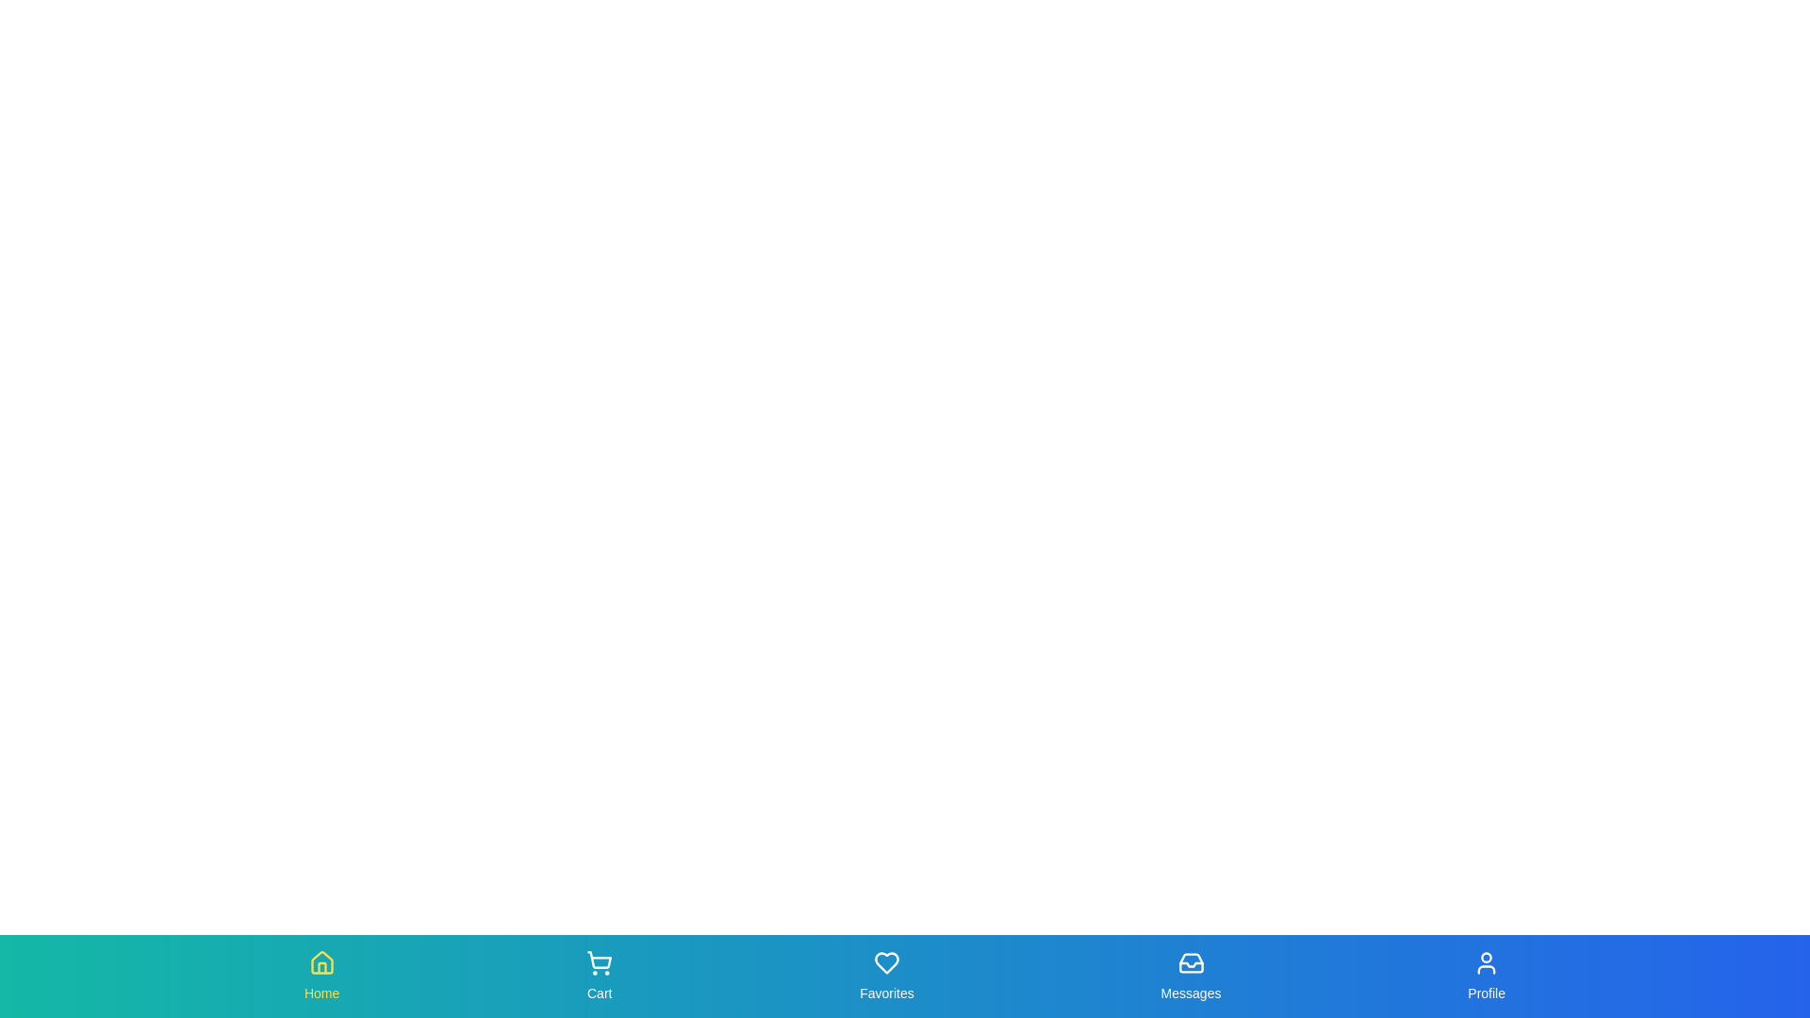  Describe the element at coordinates (885, 976) in the screenshot. I see `the Favorites tab in the bottom navigation bar` at that location.